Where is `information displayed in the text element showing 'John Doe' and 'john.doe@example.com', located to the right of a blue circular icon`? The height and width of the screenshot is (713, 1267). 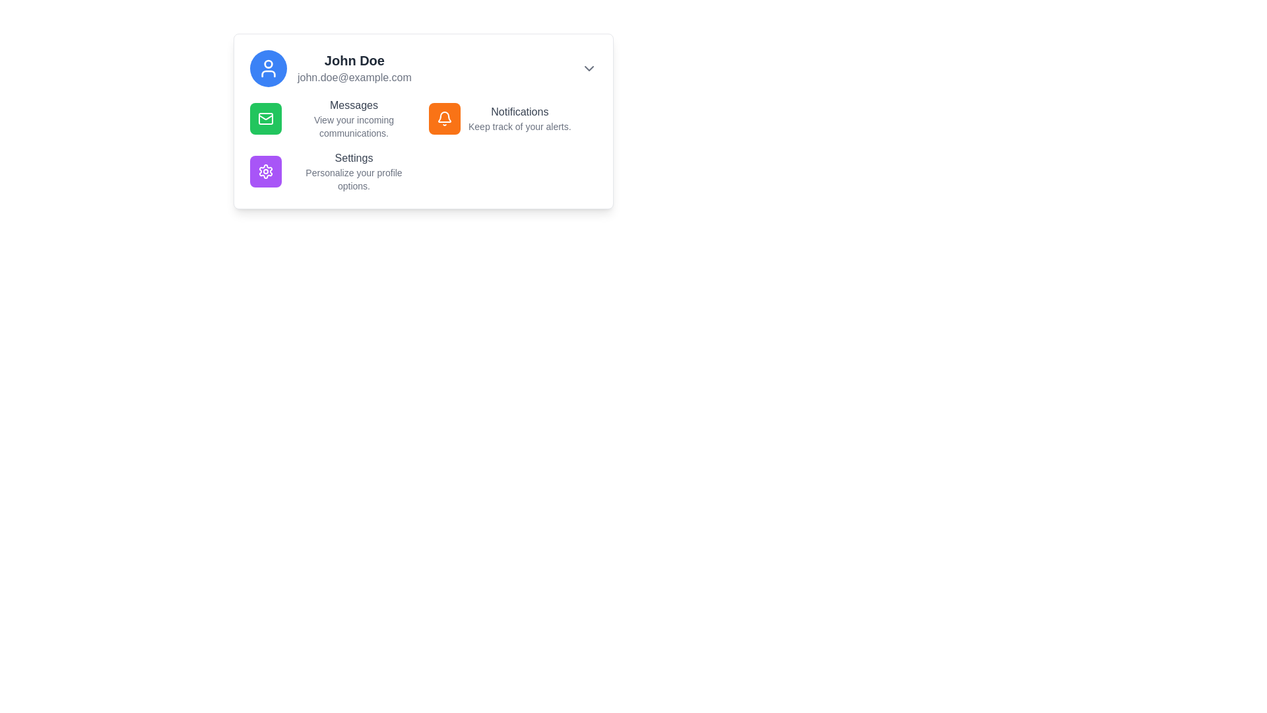 information displayed in the text element showing 'John Doe' and 'john.doe@example.com', located to the right of a blue circular icon is located at coordinates (354, 69).